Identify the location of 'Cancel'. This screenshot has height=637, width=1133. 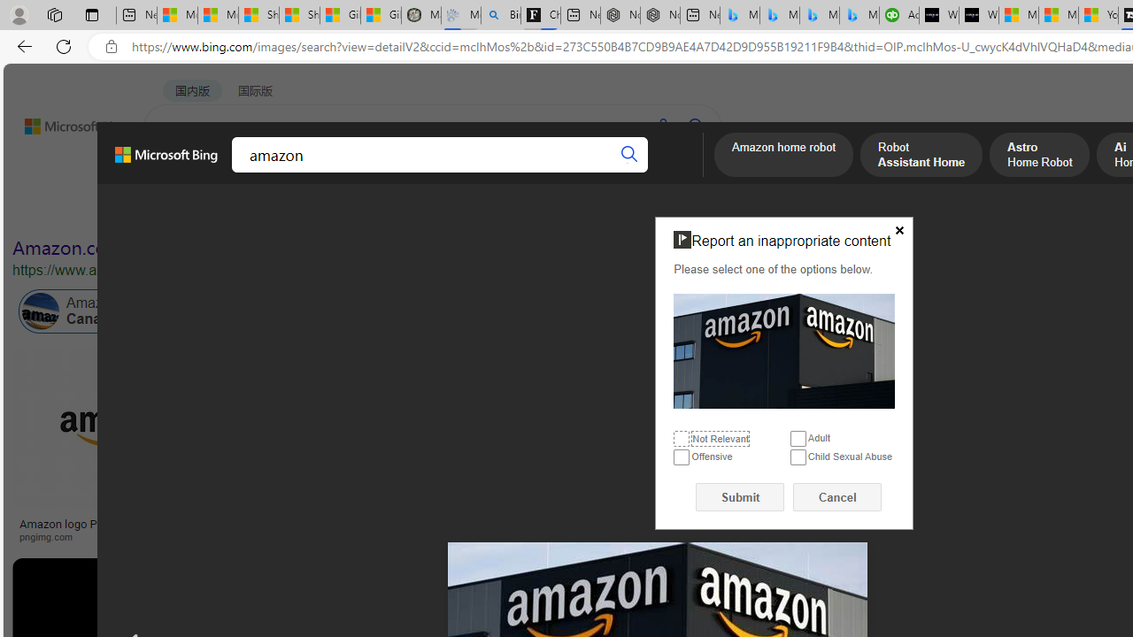
(836, 497).